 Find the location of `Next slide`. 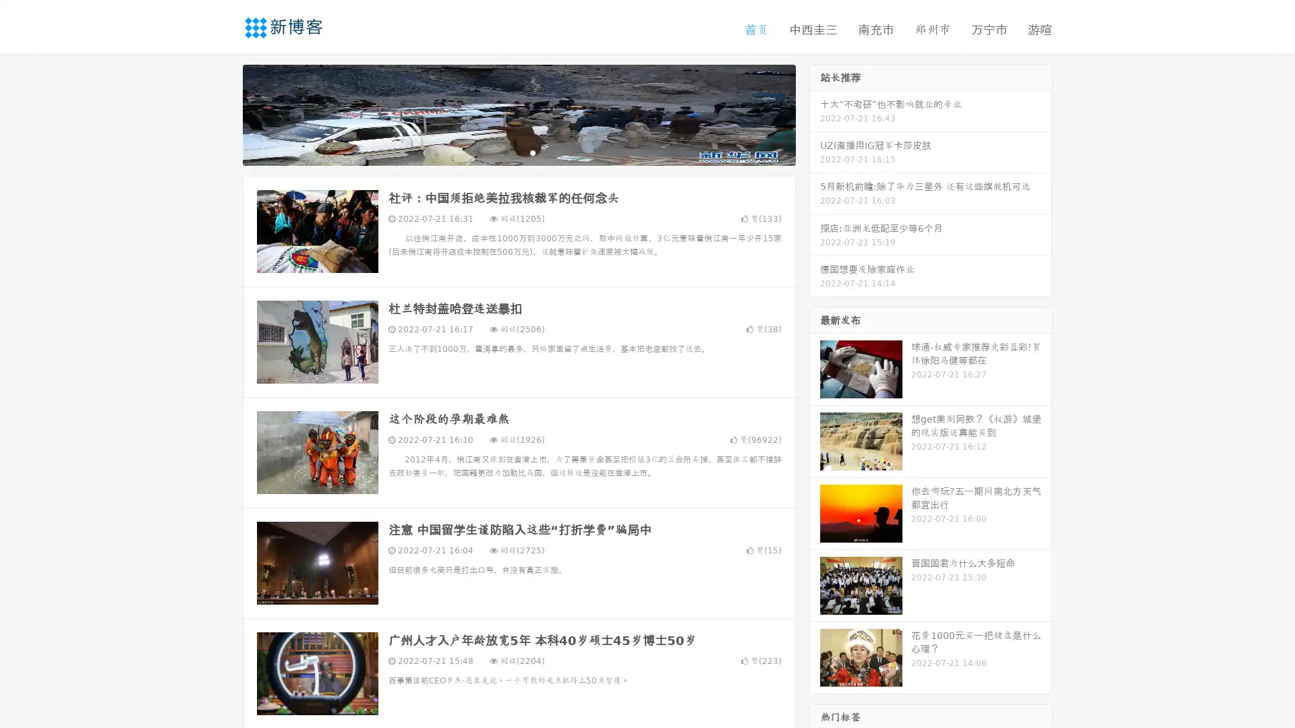

Next slide is located at coordinates (815, 113).